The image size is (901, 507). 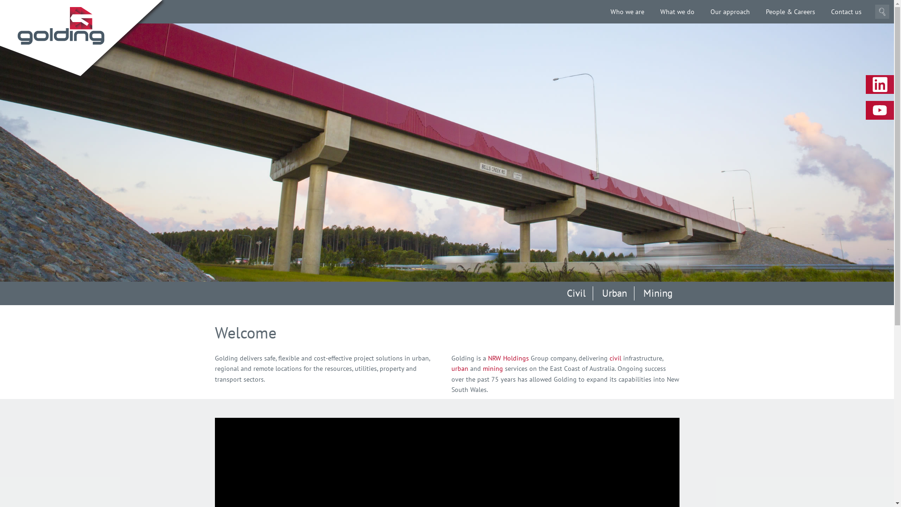 I want to click on 'What we do', so click(x=677, y=11).